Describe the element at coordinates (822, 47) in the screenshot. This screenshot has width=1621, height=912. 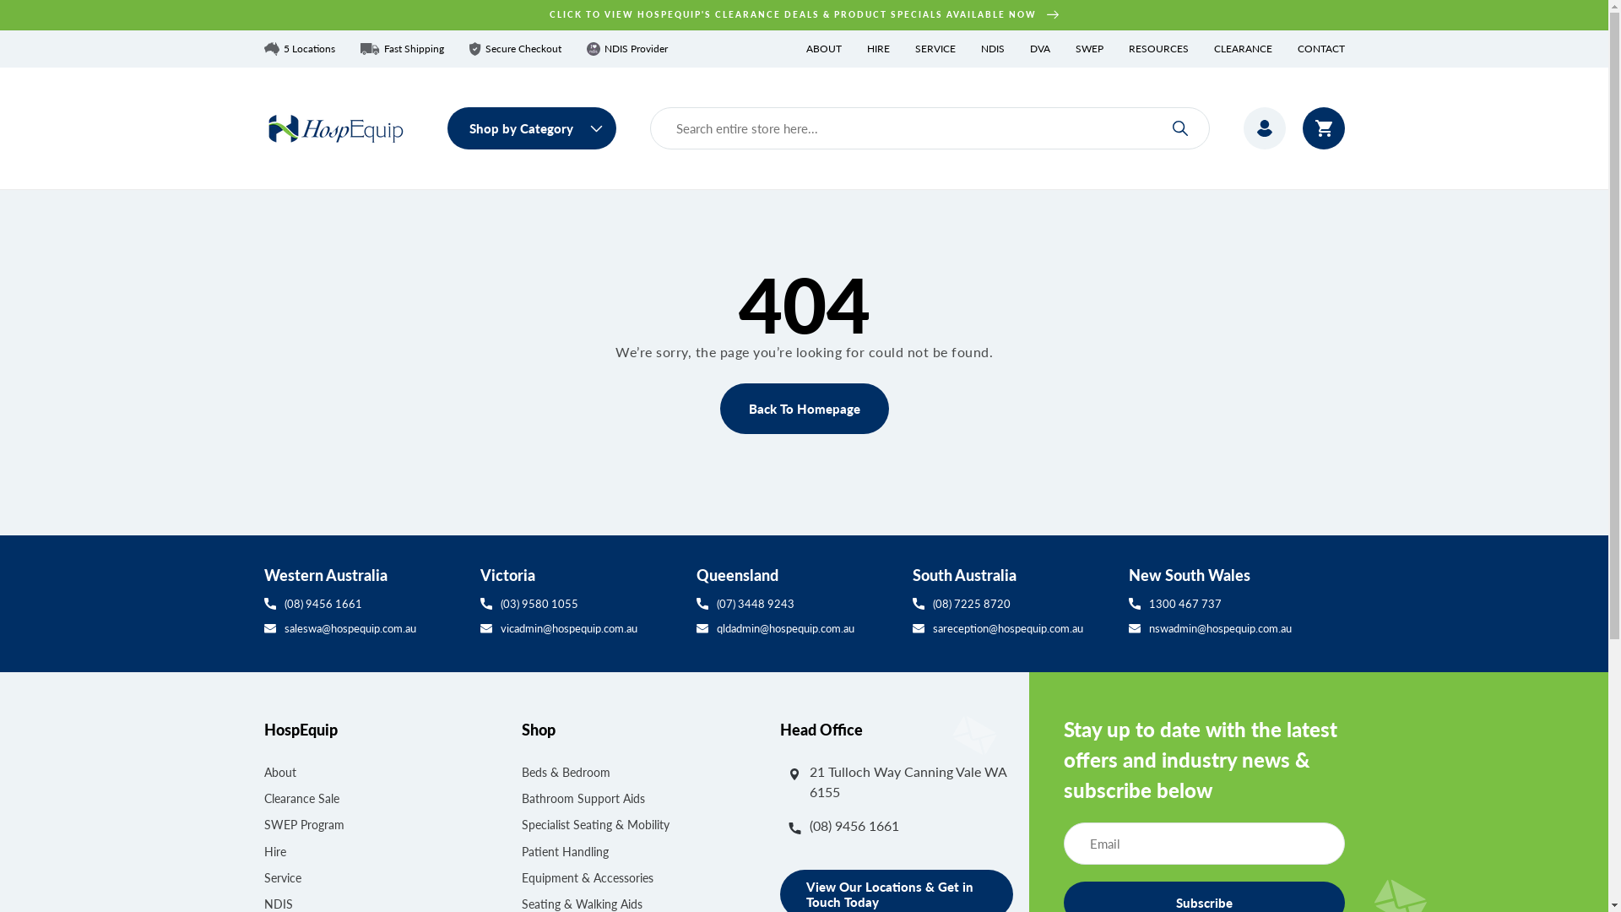
I see `'ABOUT'` at that location.